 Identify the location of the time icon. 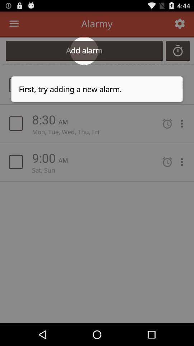
(177, 54).